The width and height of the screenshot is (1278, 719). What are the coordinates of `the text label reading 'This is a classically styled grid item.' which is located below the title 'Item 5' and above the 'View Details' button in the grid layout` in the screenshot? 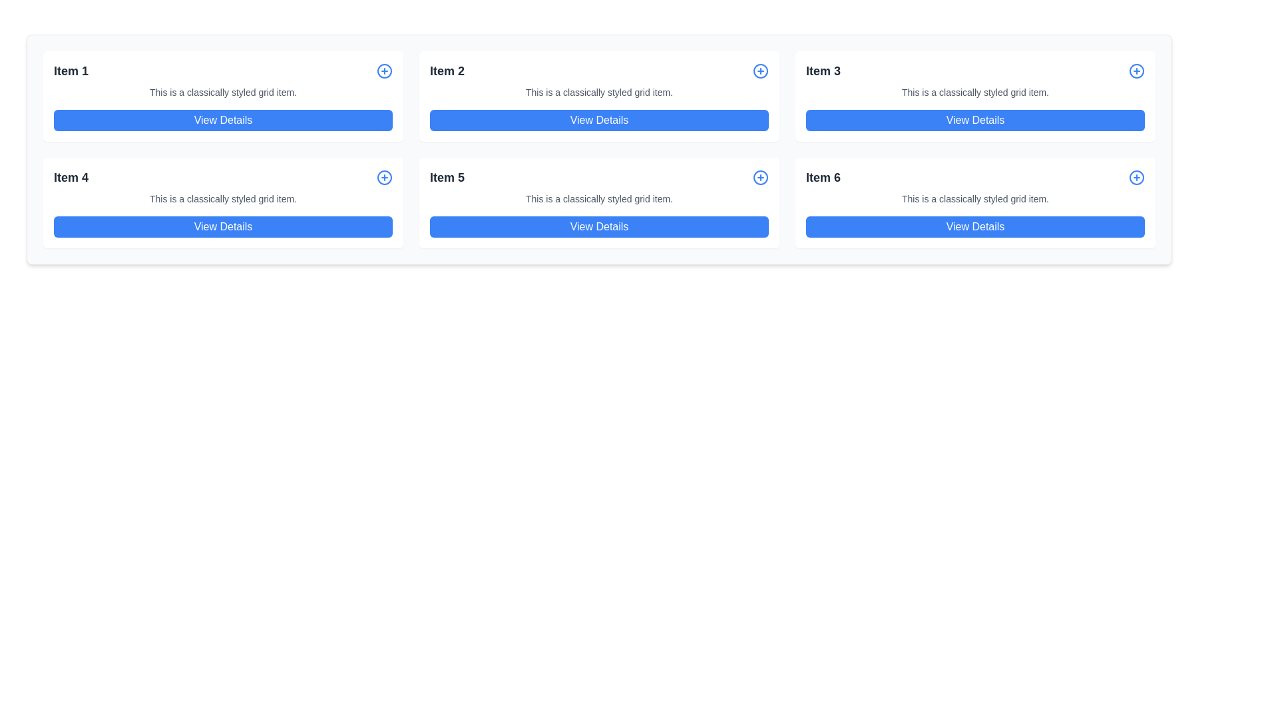 It's located at (598, 199).